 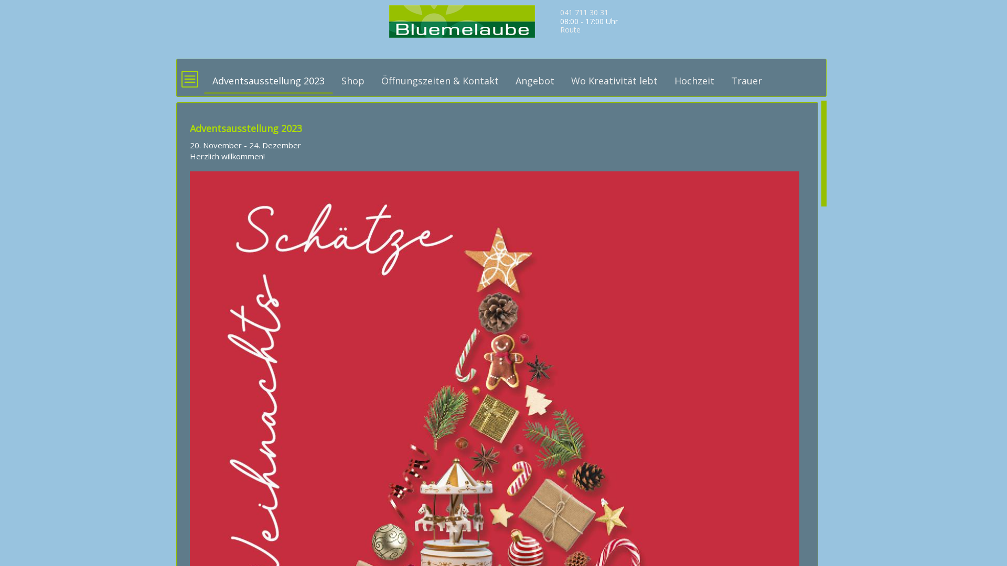 What do you see at coordinates (507, 75) in the screenshot?
I see `'Angebot'` at bounding box center [507, 75].